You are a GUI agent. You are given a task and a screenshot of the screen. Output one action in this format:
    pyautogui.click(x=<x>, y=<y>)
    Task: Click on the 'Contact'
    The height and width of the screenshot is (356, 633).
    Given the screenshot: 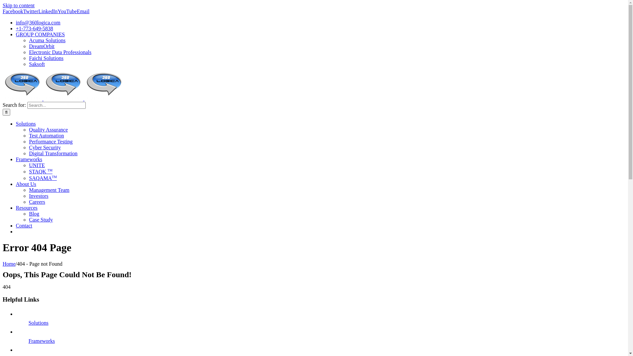 What is the action you would take?
    pyautogui.click(x=16, y=225)
    